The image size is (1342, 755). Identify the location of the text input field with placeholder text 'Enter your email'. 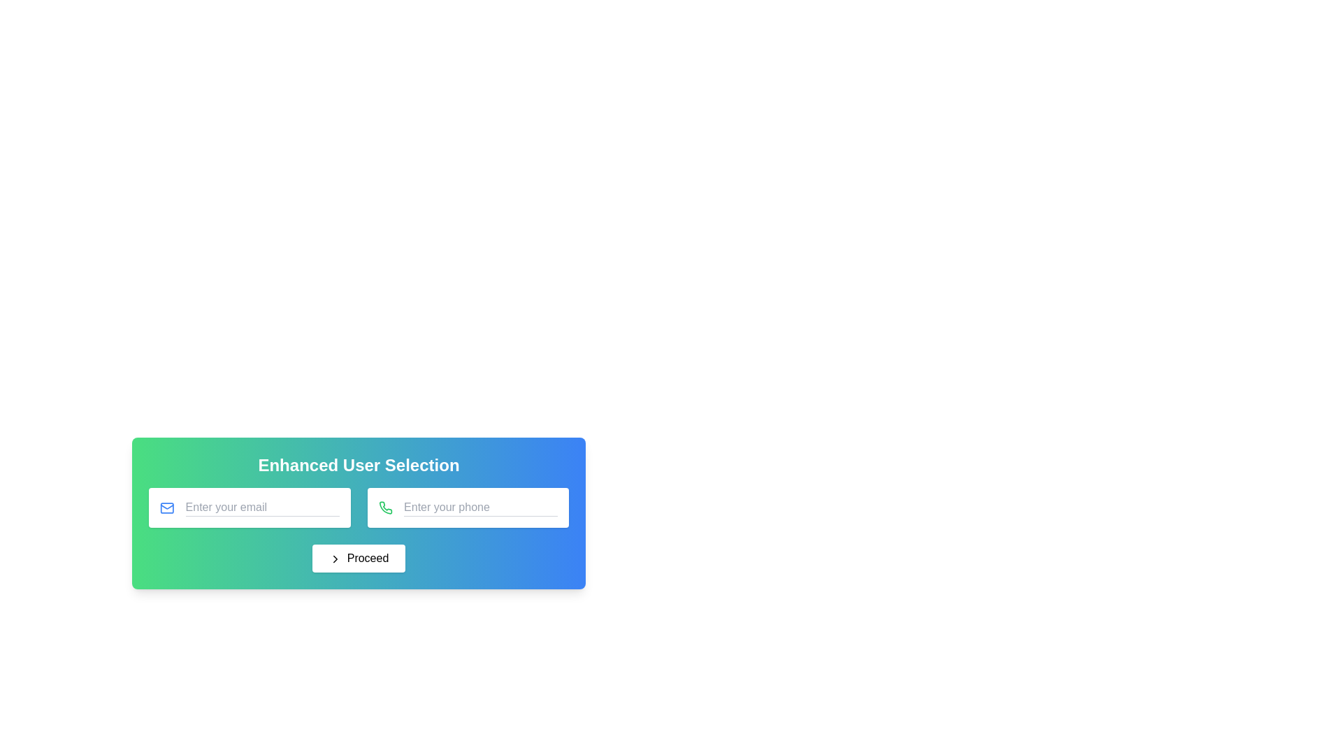
(262, 508).